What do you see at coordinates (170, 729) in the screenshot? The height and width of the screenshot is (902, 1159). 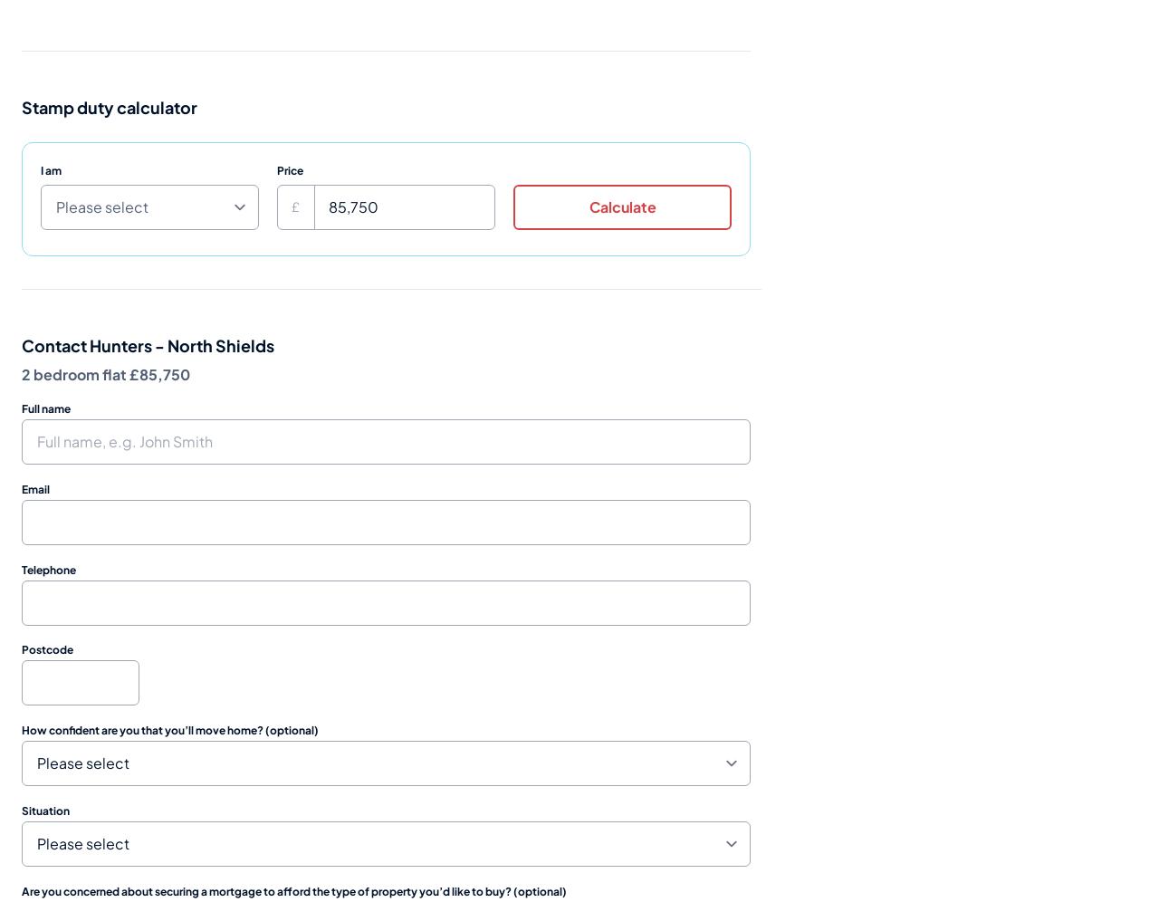 I see `'How confident are you that you’ll move home? (optional)'` at bounding box center [170, 729].